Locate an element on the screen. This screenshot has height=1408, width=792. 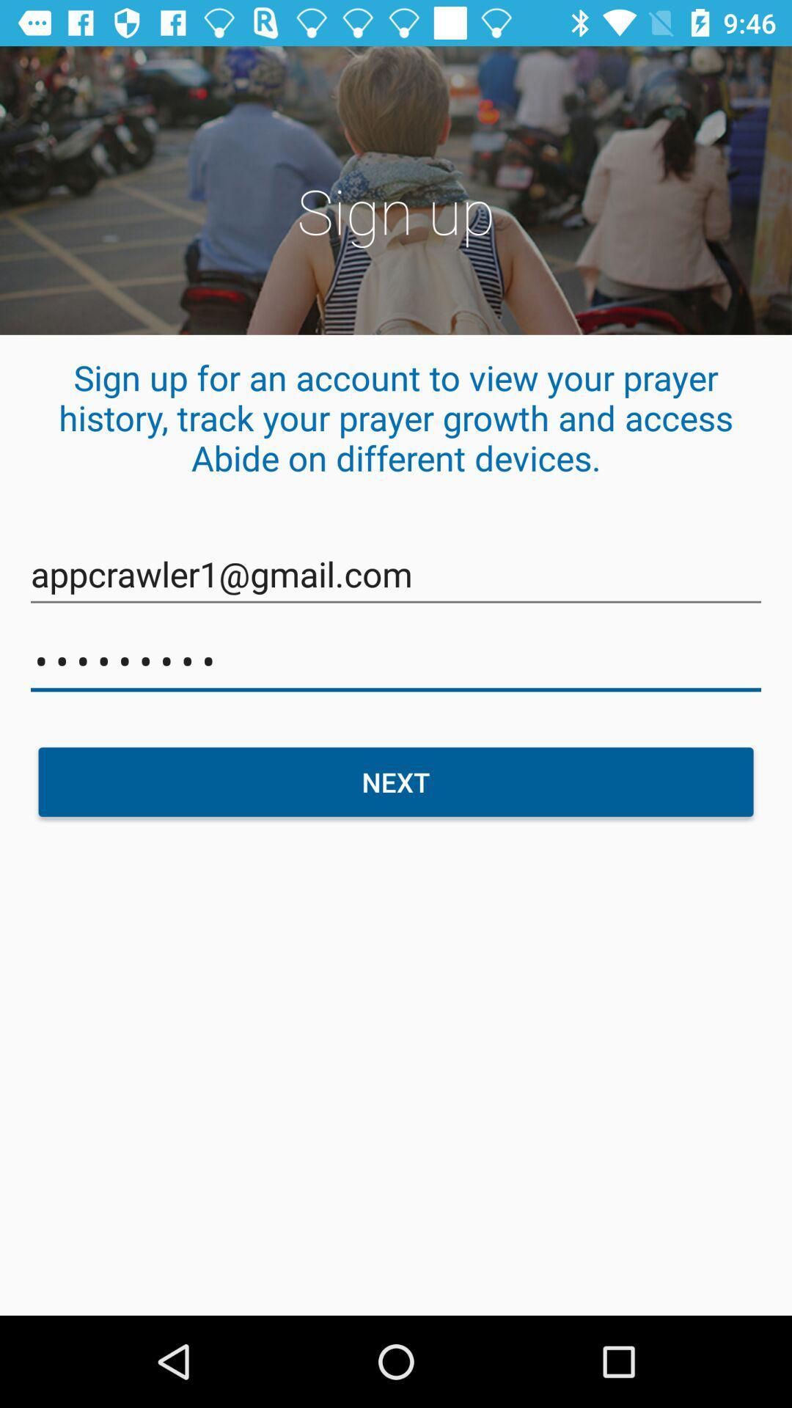
crowd3116 icon is located at coordinates (396, 661).